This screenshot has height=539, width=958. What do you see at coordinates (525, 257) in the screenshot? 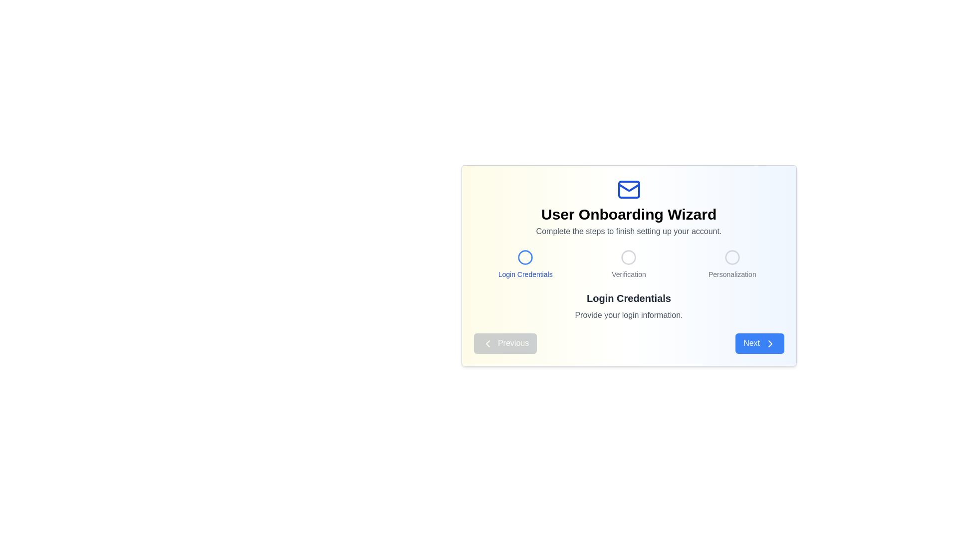
I see `the visual state of the first step indicator circle representing 'Login Credentials' in the onboarding process` at bounding box center [525, 257].